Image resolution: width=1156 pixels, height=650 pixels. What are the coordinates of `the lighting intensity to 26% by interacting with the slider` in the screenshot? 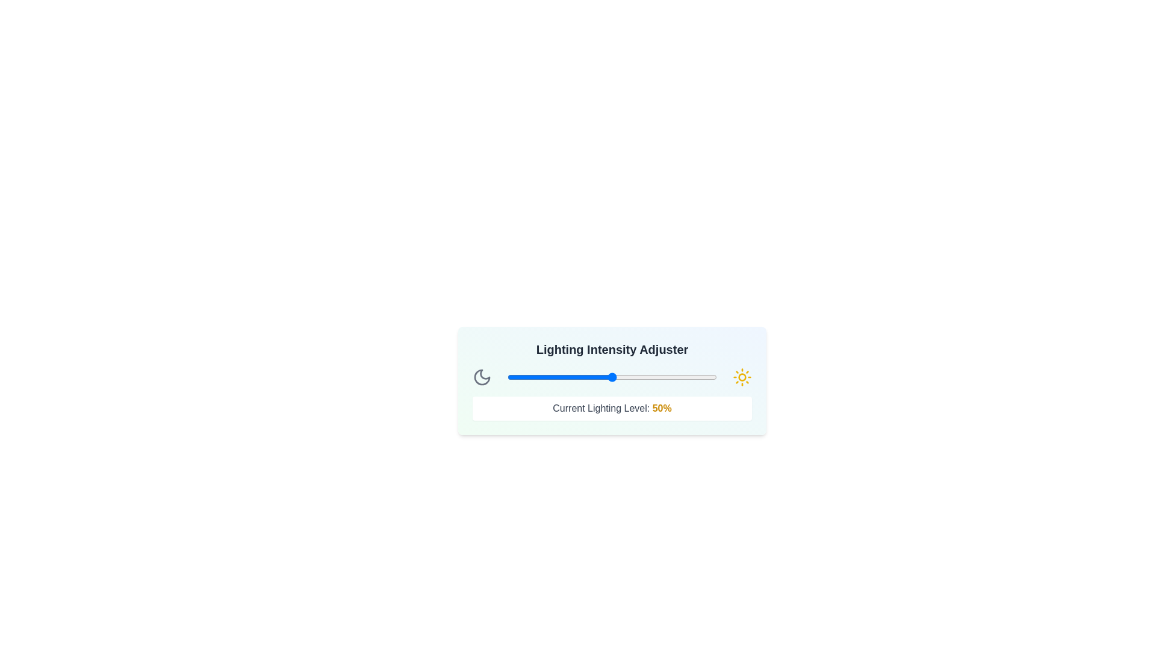 It's located at (561, 377).